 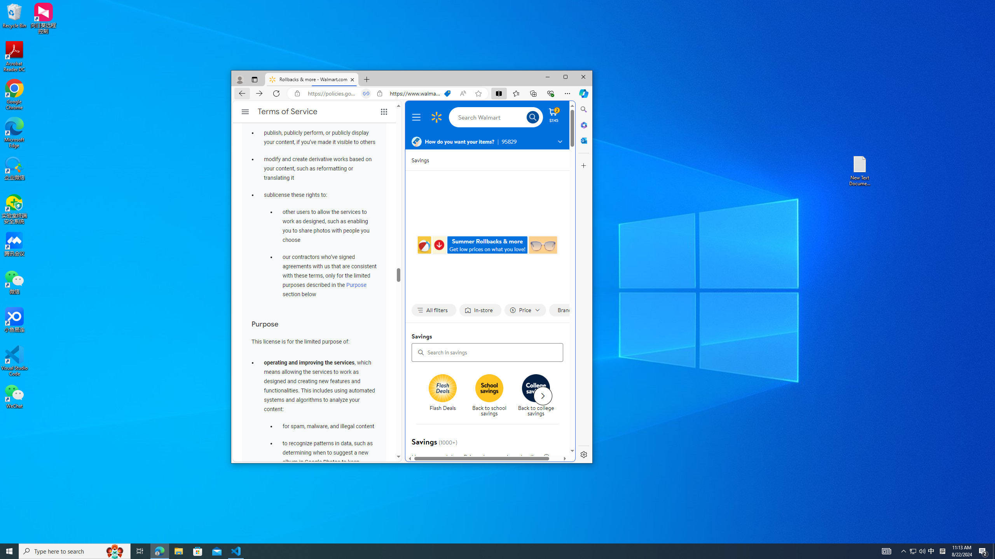 What do you see at coordinates (74, 550) in the screenshot?
I see `'Type here to search'` at bounding box center [74, 550].